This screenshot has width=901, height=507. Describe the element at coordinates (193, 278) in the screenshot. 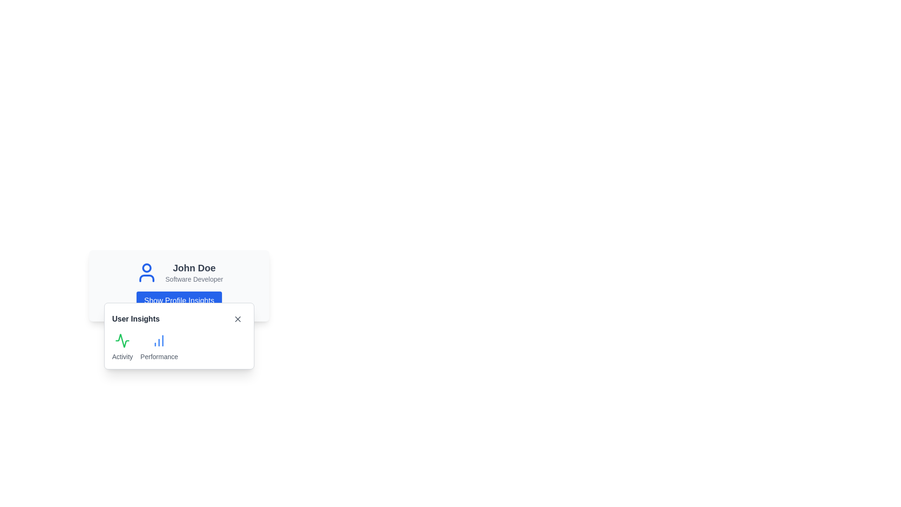

I see `the static text display that shows the job title or designation for 'John Doe', located below the name within a white card layout` at that location.